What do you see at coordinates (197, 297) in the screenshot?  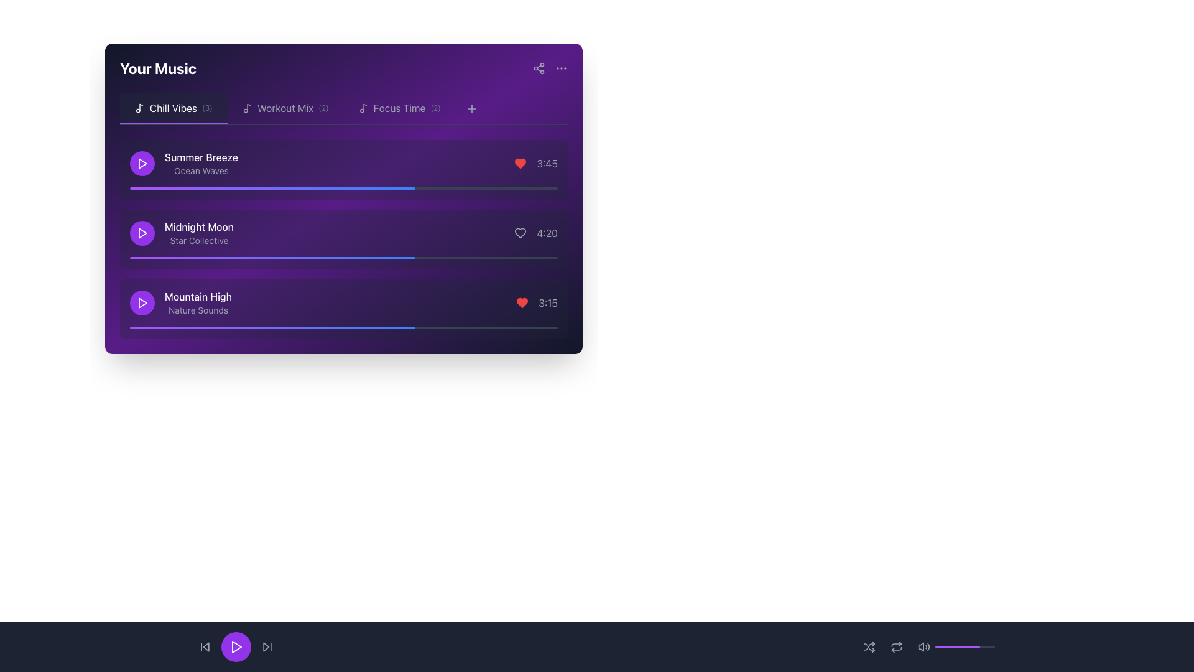 I see `the text label displaying 'Mountain High' in white font, located above the subtitle 'Nature Sounds' in the 'Your Music' panel` at bounding box center [197, 297].